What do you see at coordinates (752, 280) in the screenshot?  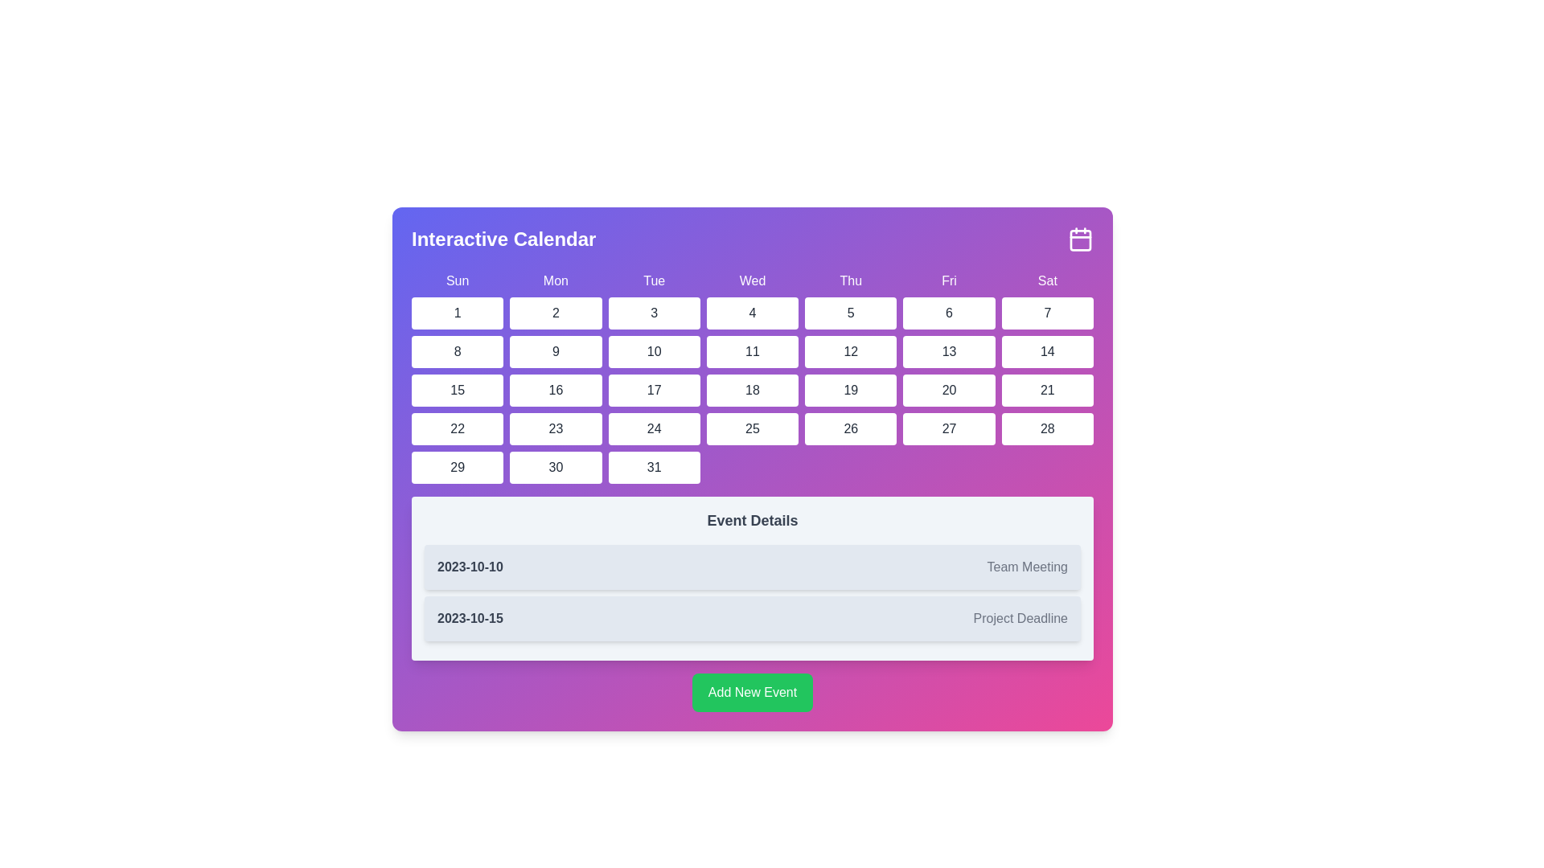 I see `the text label displaying 'Wed', which is positioned in the topmost row of the calendar interface between 'Tue' and 'Thu'` at bounding box center [752, 280].